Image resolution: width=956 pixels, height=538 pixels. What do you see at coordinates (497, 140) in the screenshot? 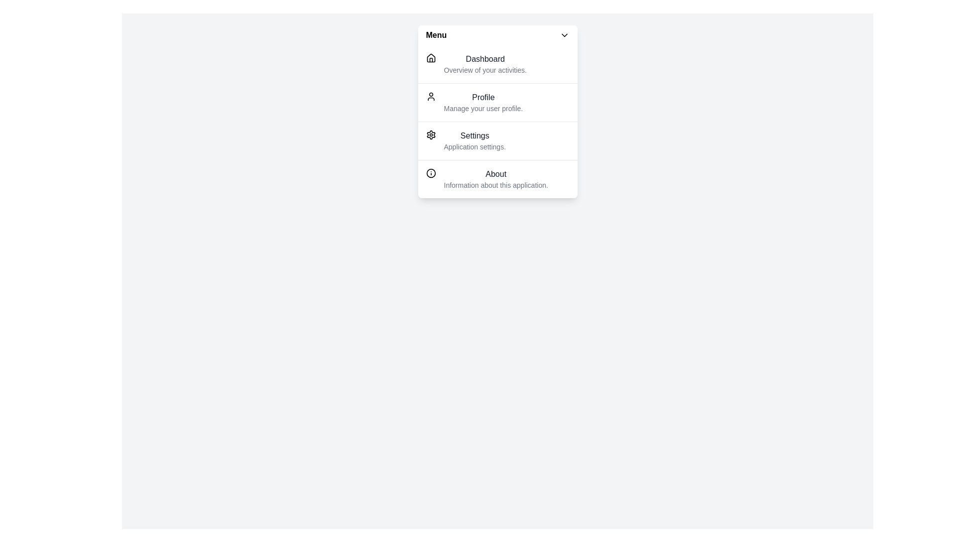
I see `the menu item Settings to see visual feedback` at bounding box center [497, 140].